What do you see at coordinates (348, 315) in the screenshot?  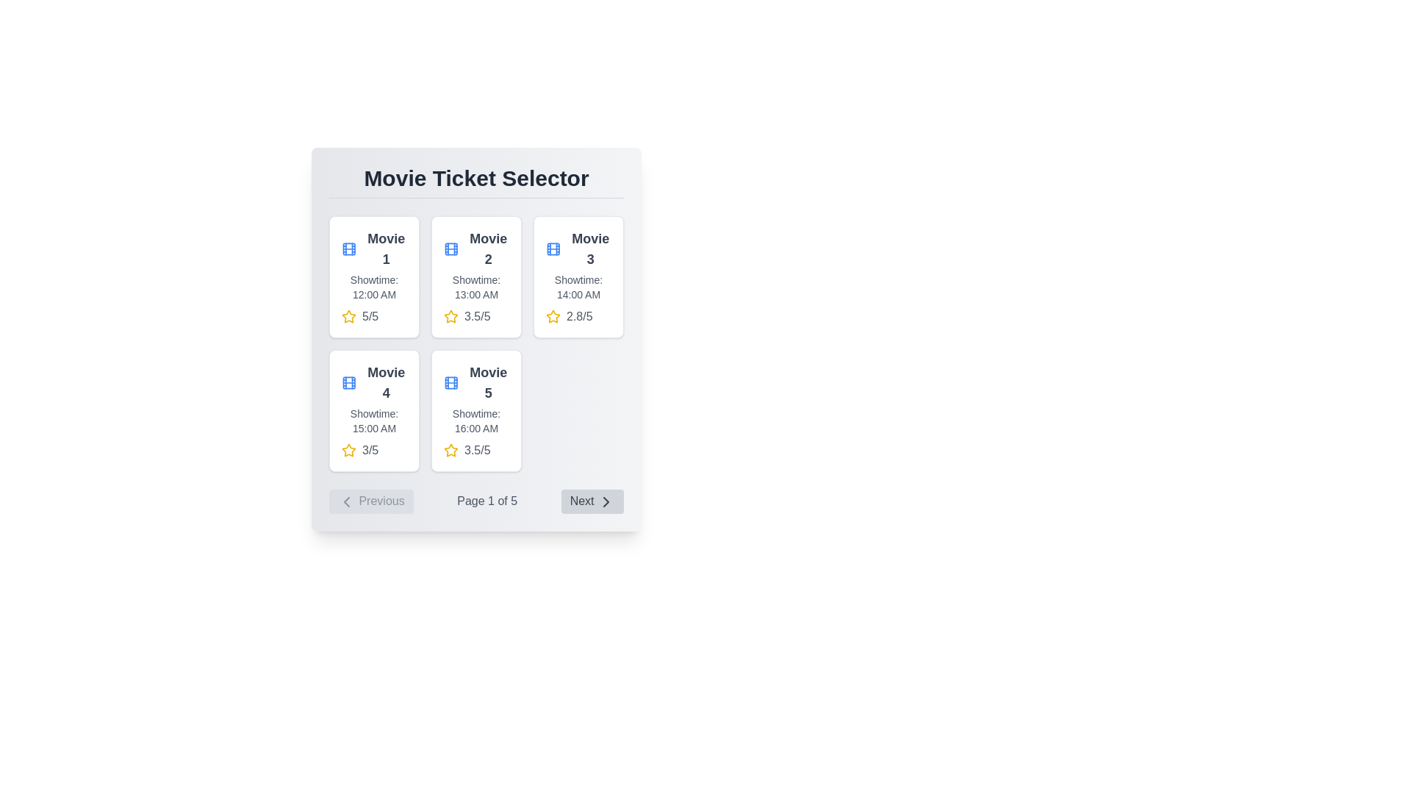 I see `the star icon representing the rating for 'Movie 5', located in the 'Movie Ticket Selector' section, positioned below the movie title and showtime, next to the rating text '3.5/5'` at bounding box center [348, 315].